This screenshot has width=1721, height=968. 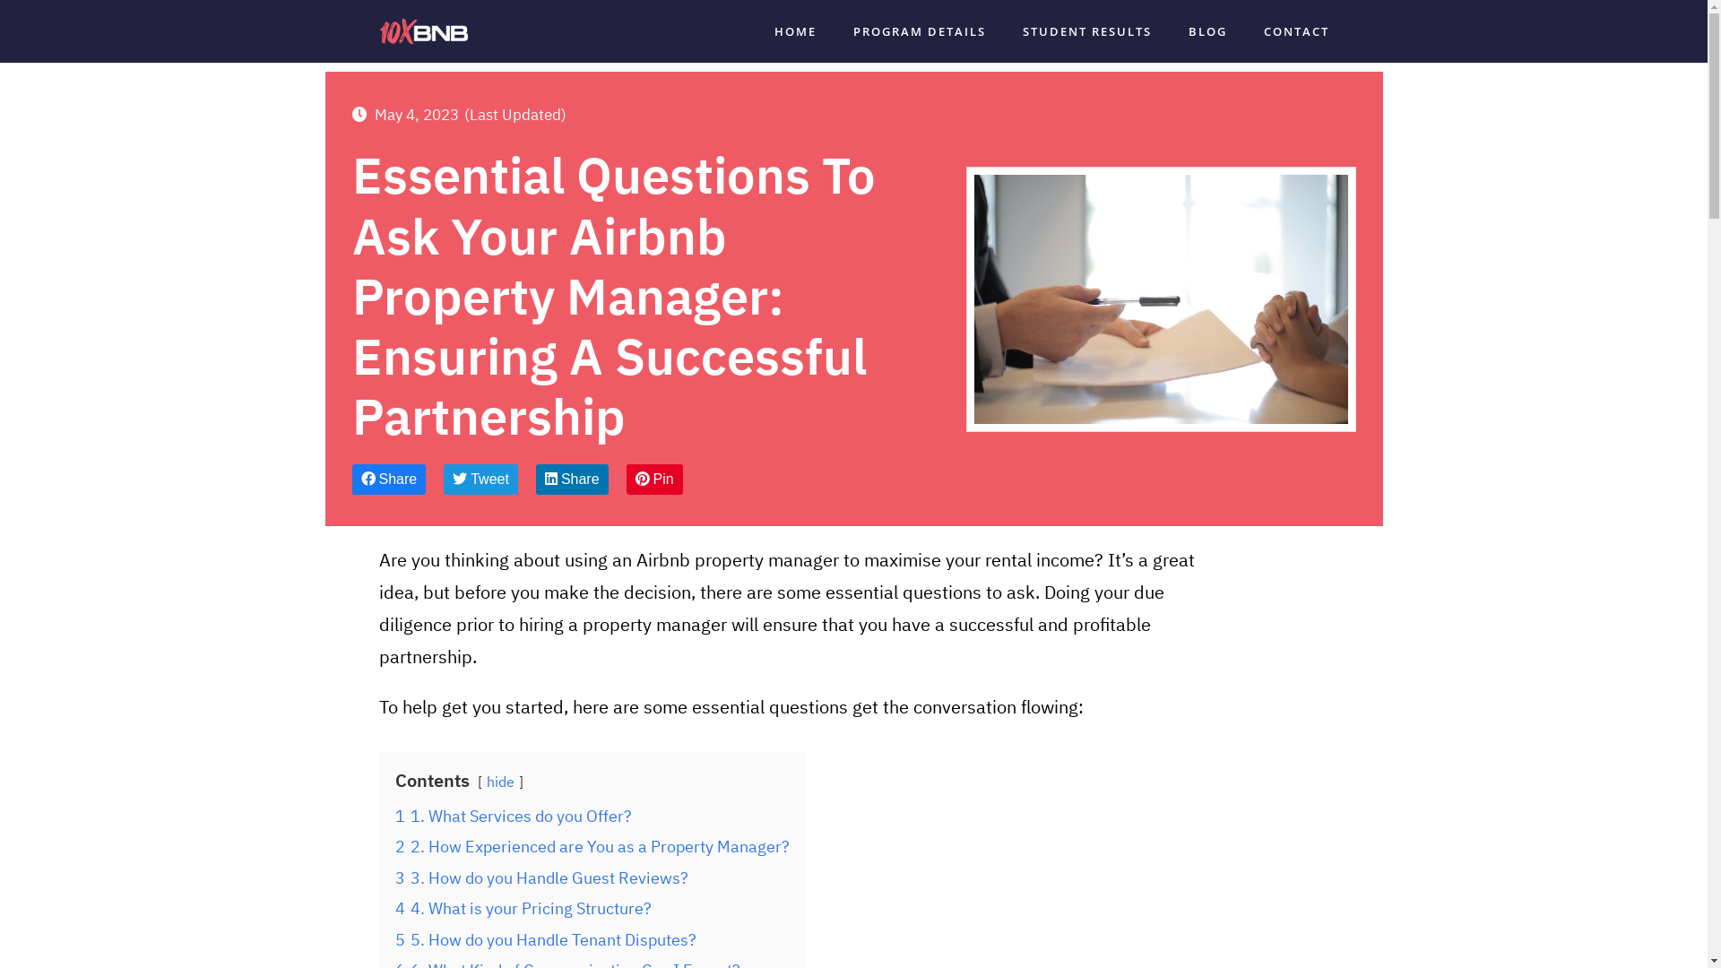 I want to click on '5 5. How do you Handle Tenant Disputes?', so click(x=544, y=938).